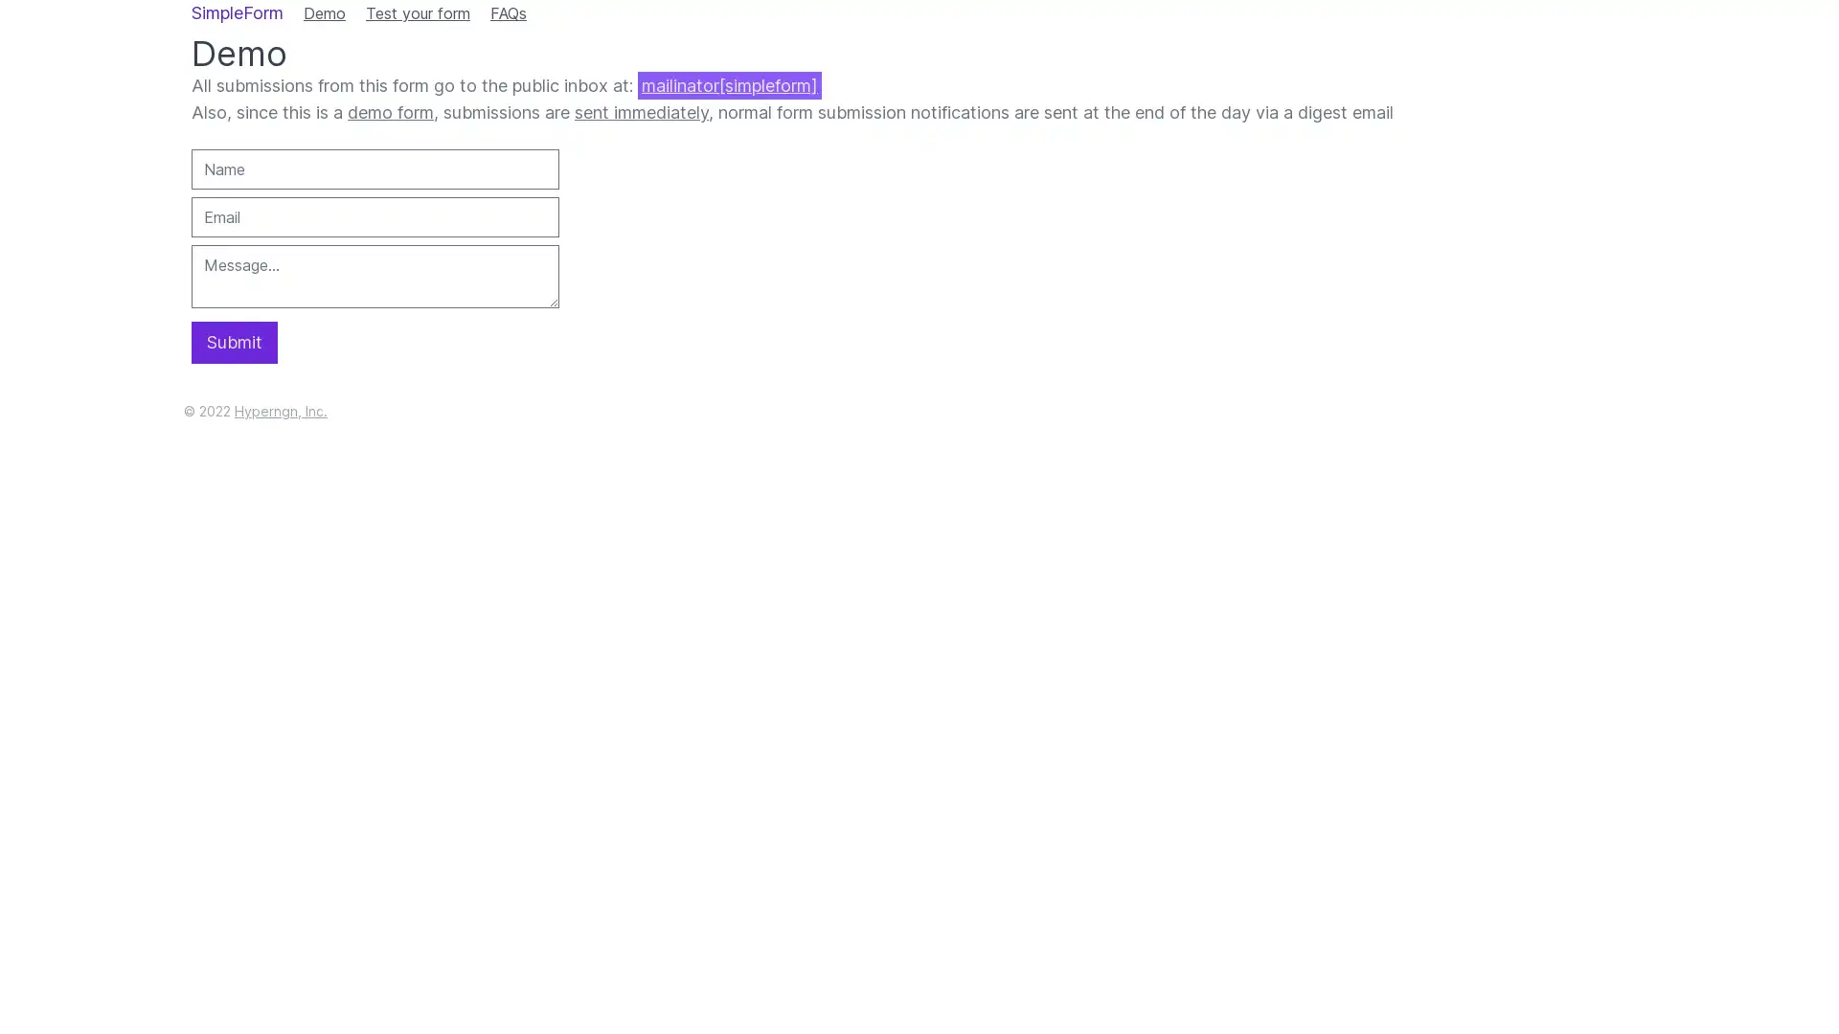 This screenshot has height=1034, width=1839. Describe the element at coordinates (233, 342) in the screenshot. I see `Submit` at that location.